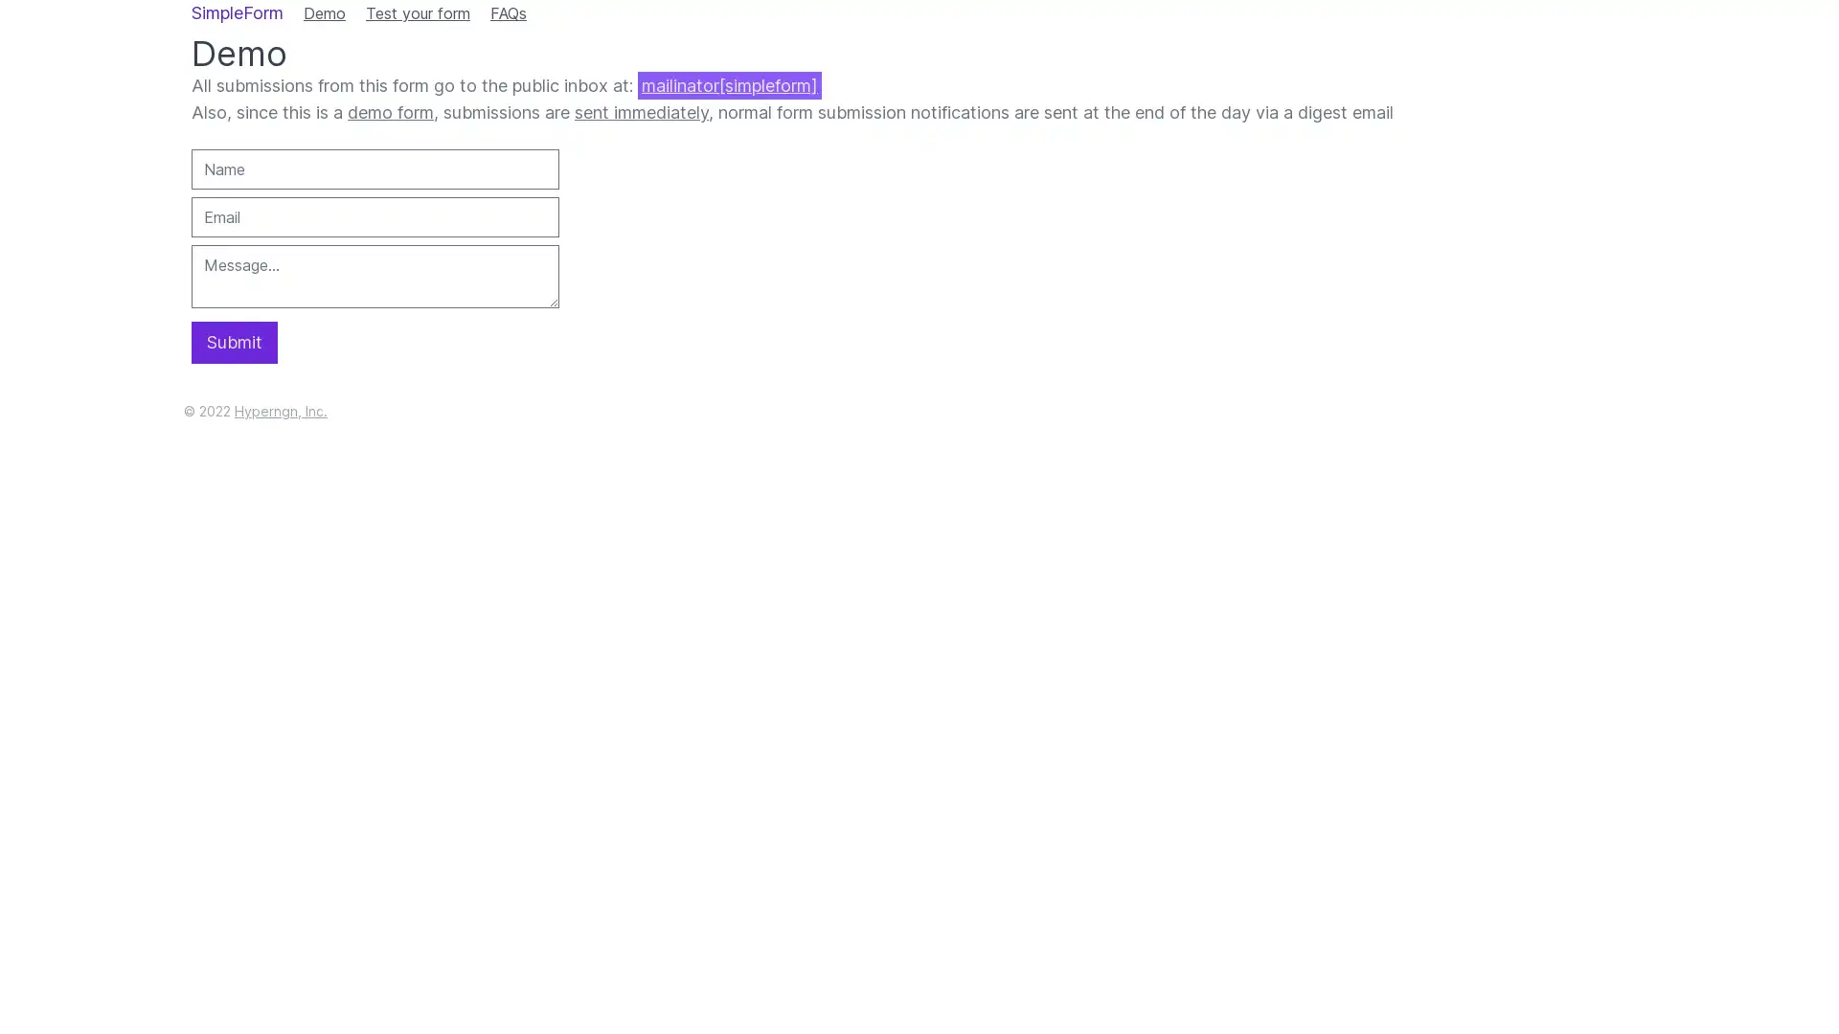 This screenshot has height=1034, width=1839. Describe the element at coordinates (233, 342) in the screenshot. I see `Submit` at that location.